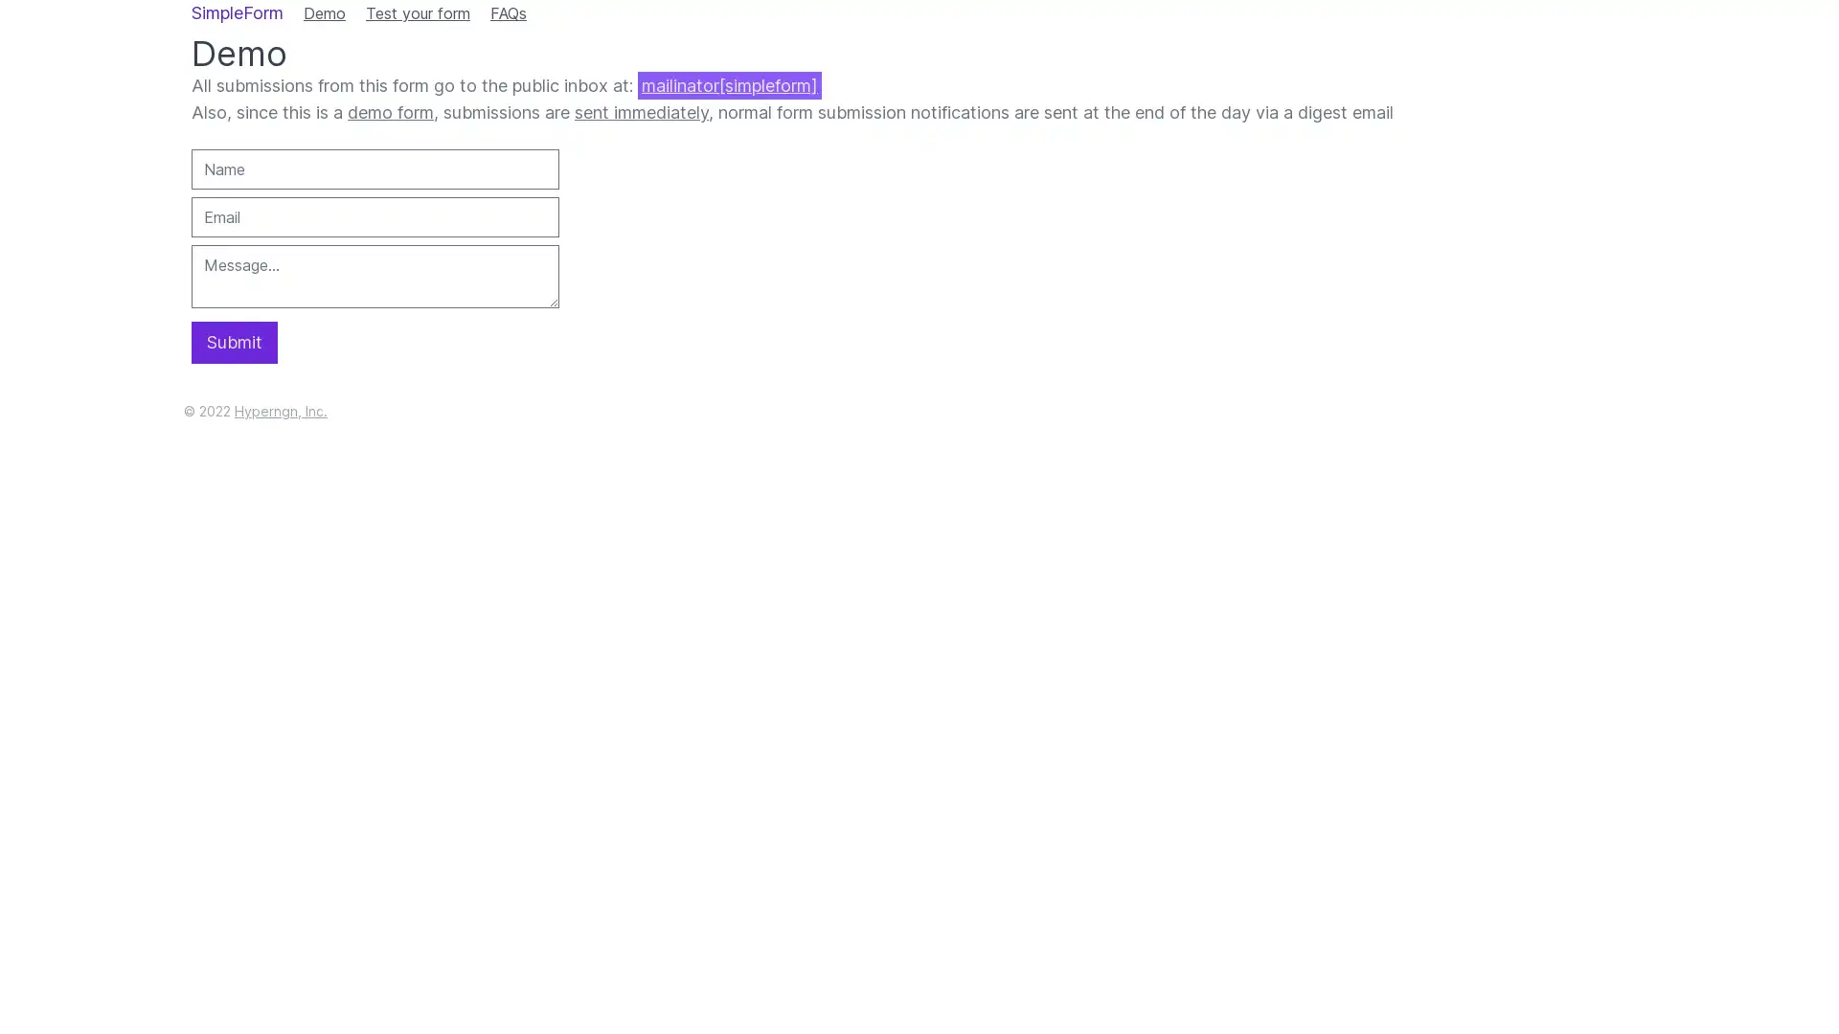 This screenshot has height=1034, width=1839. Describe the element at coordinates (233, 342) in the screenshot. I see `Submit` at that location.